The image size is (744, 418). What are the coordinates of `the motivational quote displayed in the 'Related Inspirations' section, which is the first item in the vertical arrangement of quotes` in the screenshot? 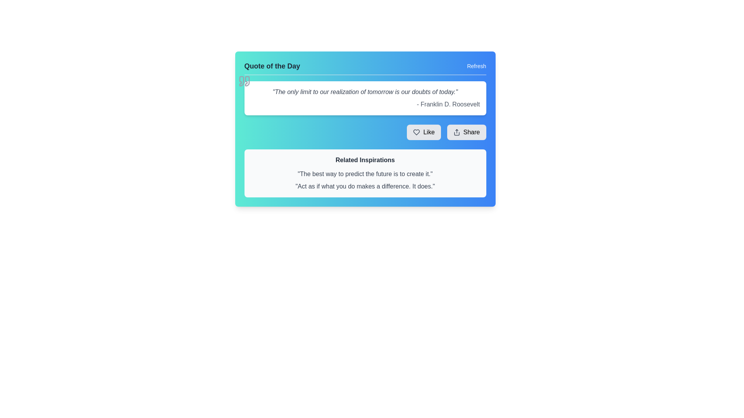 It's located at (365, 174).